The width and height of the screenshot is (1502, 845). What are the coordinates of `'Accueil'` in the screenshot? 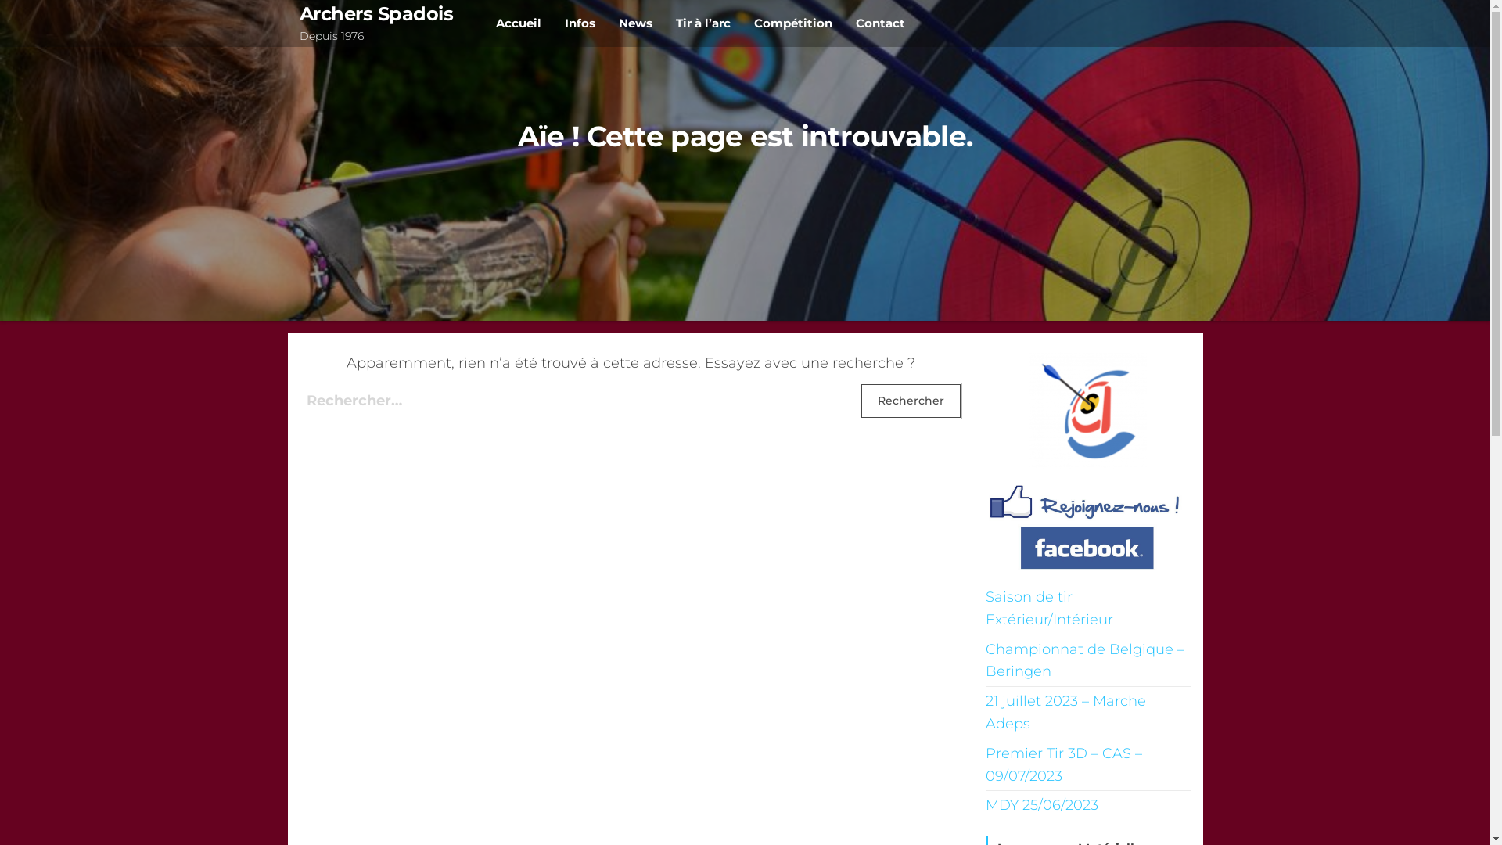 It's located at (518, 23).